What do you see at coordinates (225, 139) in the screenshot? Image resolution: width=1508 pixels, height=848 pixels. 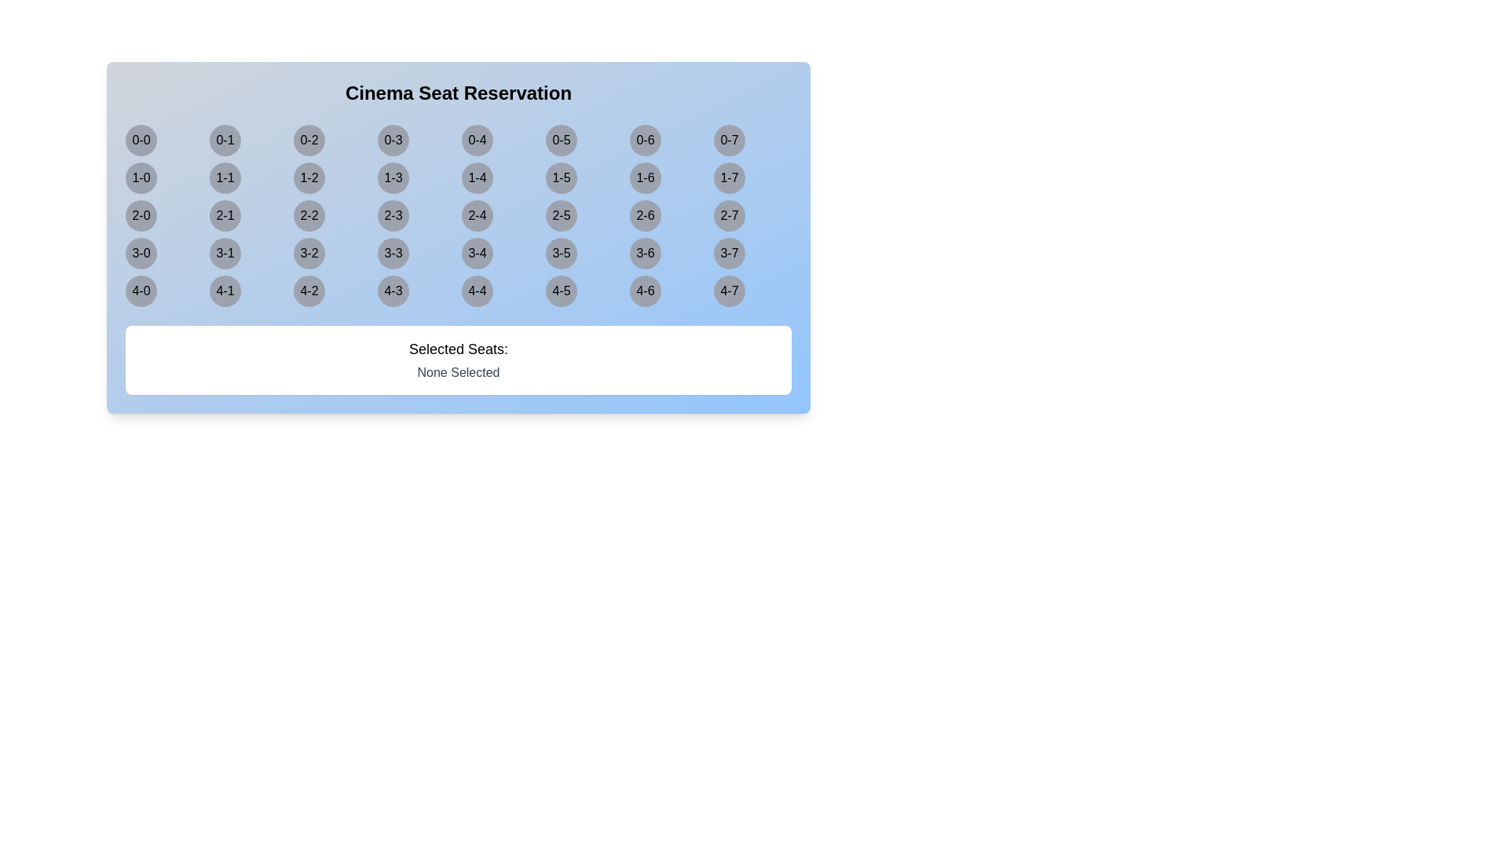 I see `the button representing a seat in the grid layout, located in the first row and second column` at bounding box center [225, 139].